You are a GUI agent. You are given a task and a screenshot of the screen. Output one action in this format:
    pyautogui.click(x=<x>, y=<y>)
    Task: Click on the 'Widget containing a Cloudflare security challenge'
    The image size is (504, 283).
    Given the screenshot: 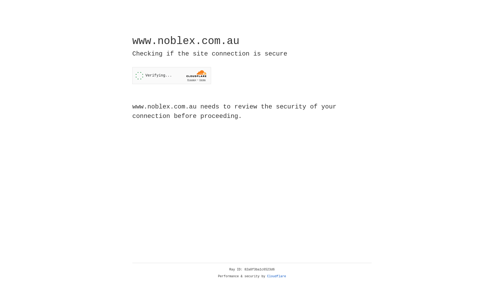 What is the action you would take?
    pyautogui.click(x=171, y=75)
    